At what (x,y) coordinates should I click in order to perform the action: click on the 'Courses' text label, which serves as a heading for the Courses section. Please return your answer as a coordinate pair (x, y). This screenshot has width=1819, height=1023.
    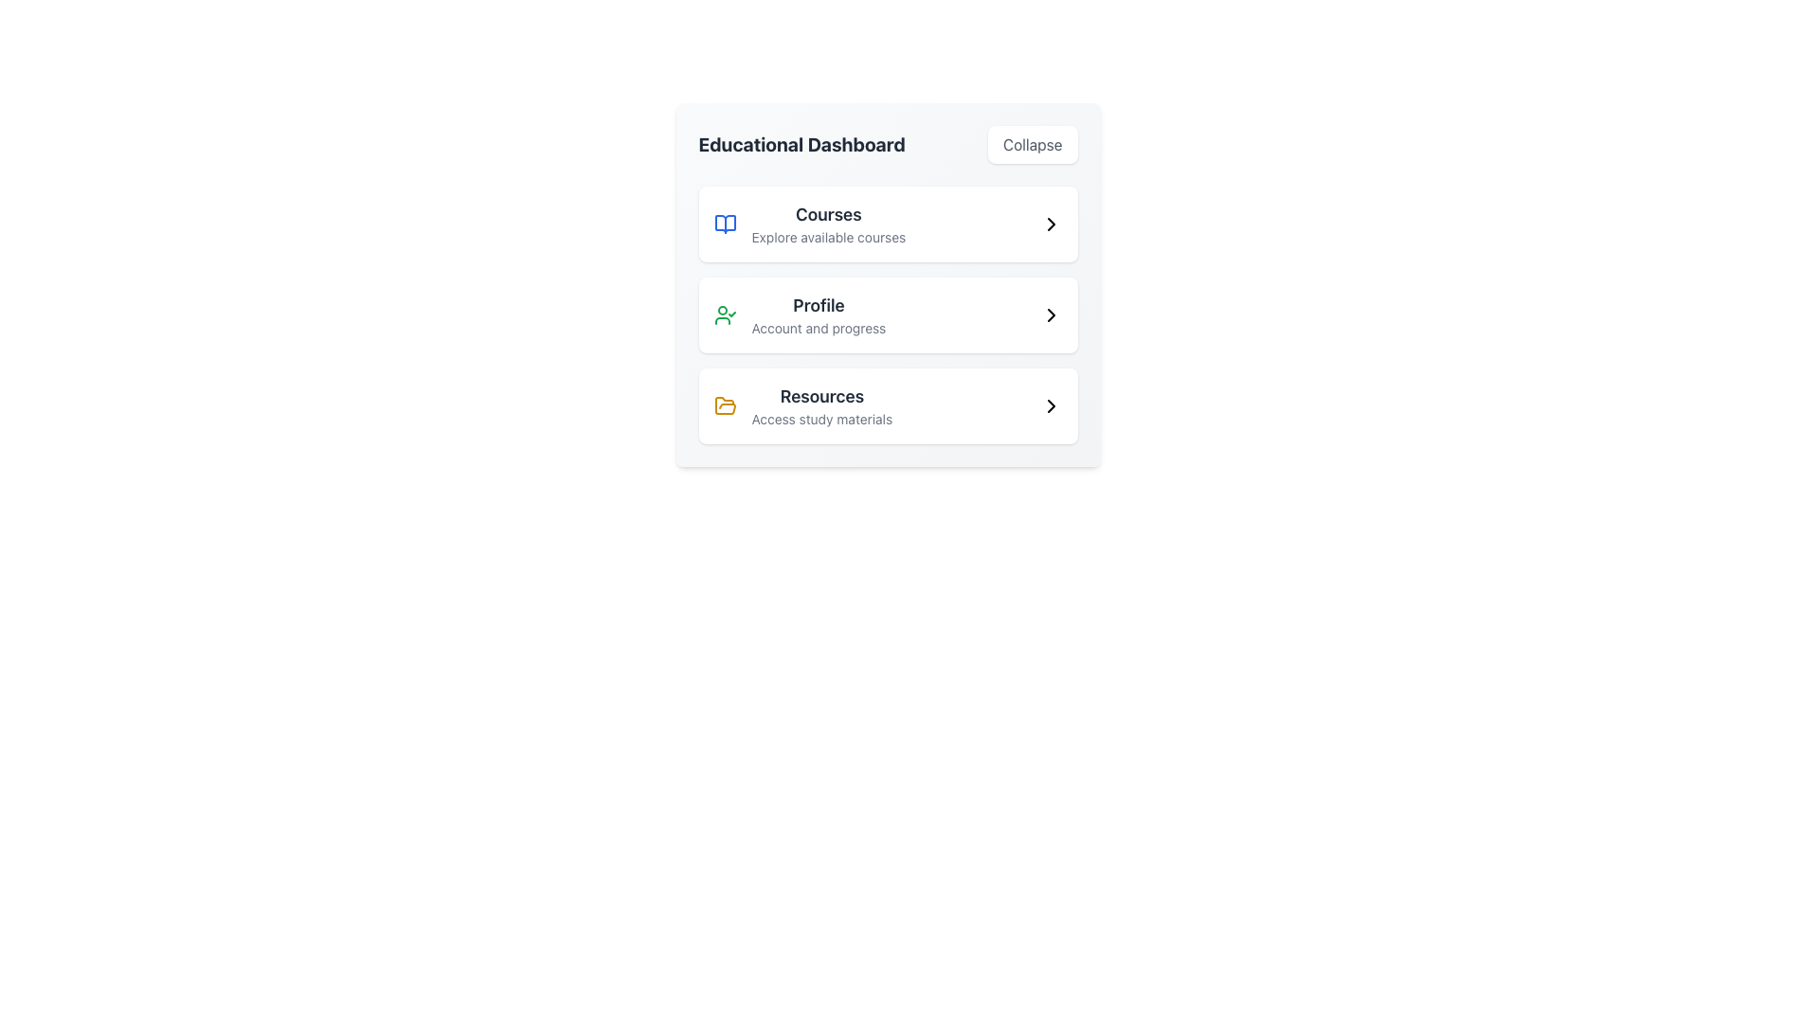
    Looking at the image, I should click on (828, 214).